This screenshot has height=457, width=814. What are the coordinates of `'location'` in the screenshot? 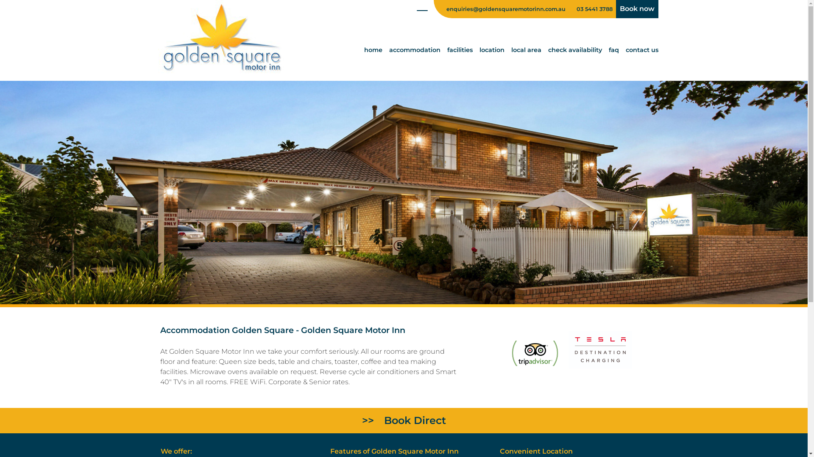 It's located at (491, 50).